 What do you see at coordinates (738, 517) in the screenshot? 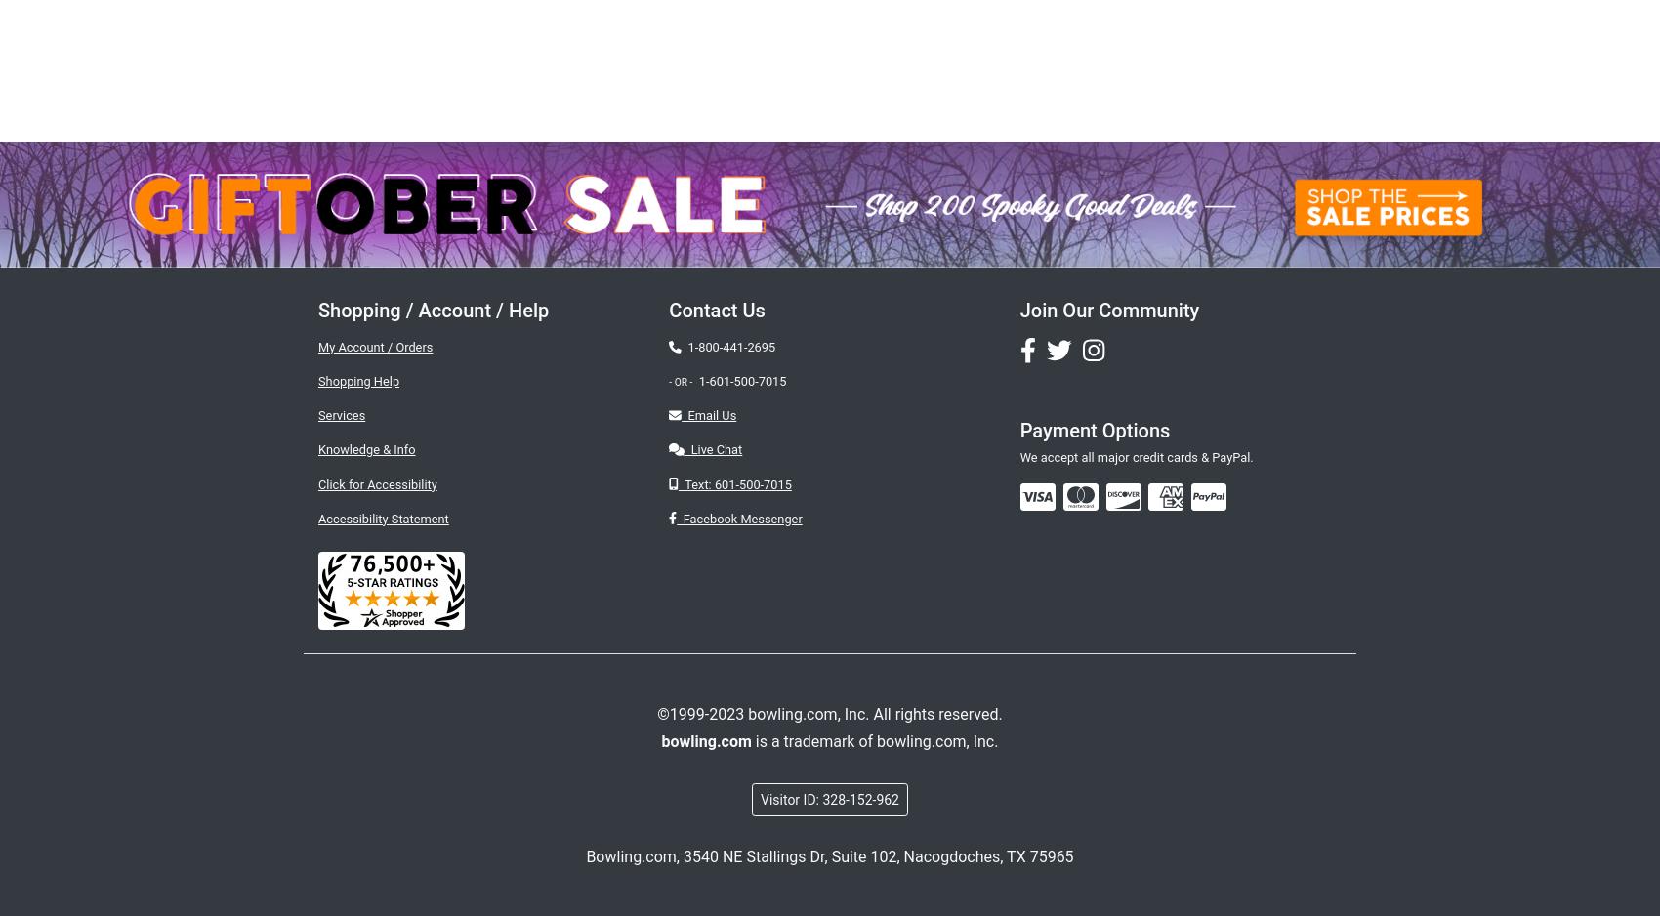
I see `'Facebook Messenger'` at bounding box center [738, 517].